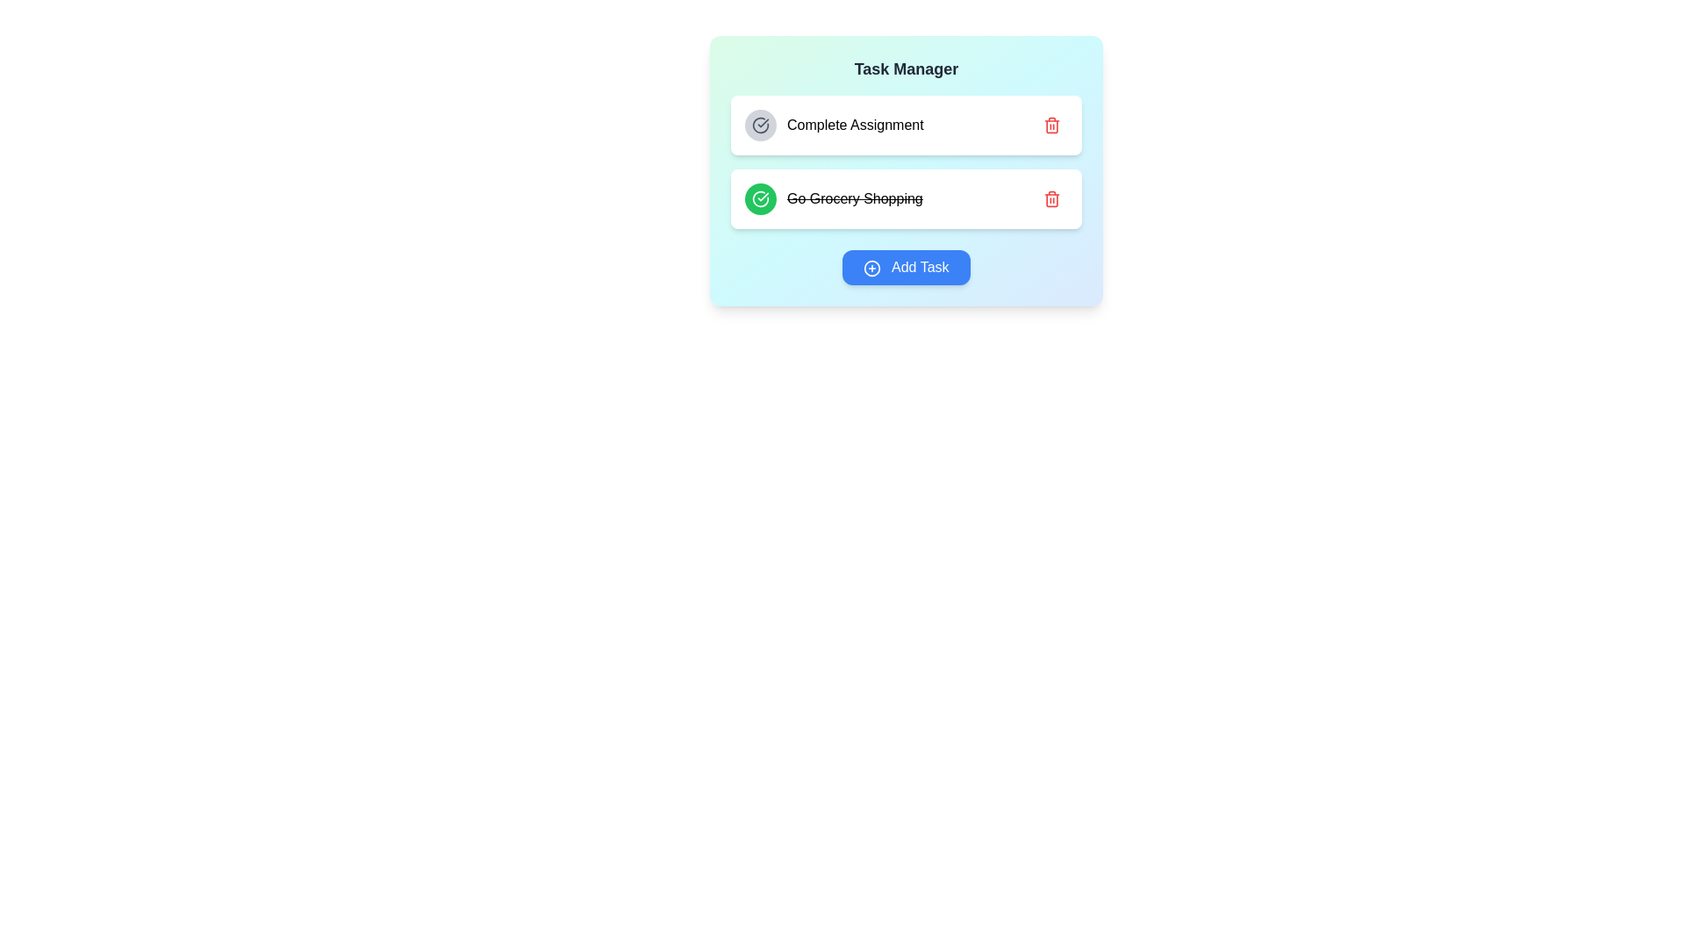 The width and height of the screenshot is (1685, 948). I want to click on SVG Circle Element, which is part of the 'Add Task' button, by clicking on its center point, so click(872, 268).